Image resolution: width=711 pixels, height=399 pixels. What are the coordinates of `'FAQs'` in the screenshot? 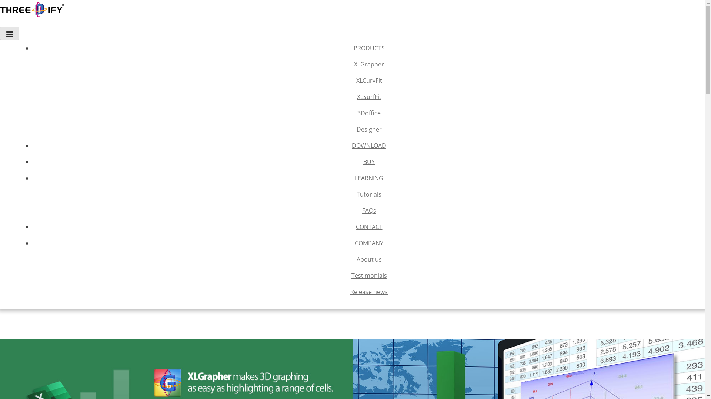 It's located at (369, 211).